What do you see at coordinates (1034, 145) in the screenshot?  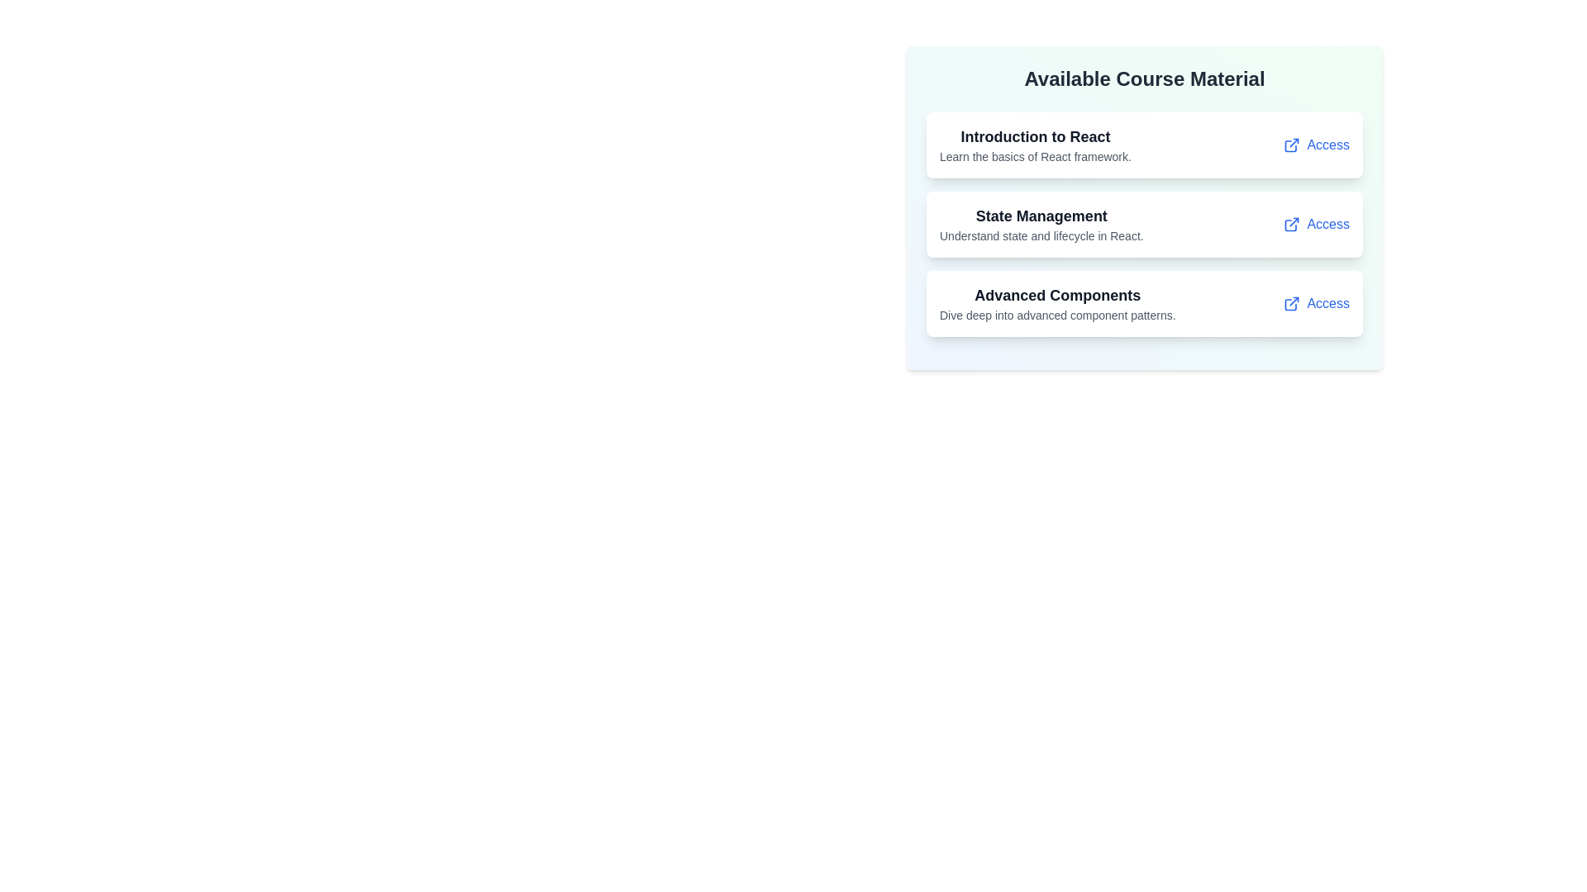 I see `the 'Introduction to React' item to expand its details` at bounding box center [1034, 145].